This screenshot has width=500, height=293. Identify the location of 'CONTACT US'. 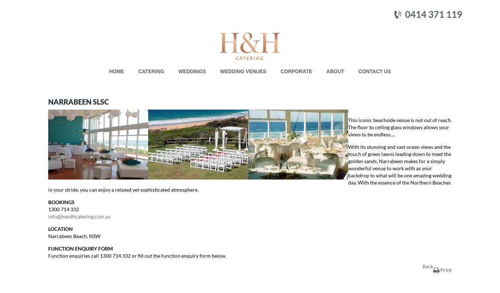
(358, 71).